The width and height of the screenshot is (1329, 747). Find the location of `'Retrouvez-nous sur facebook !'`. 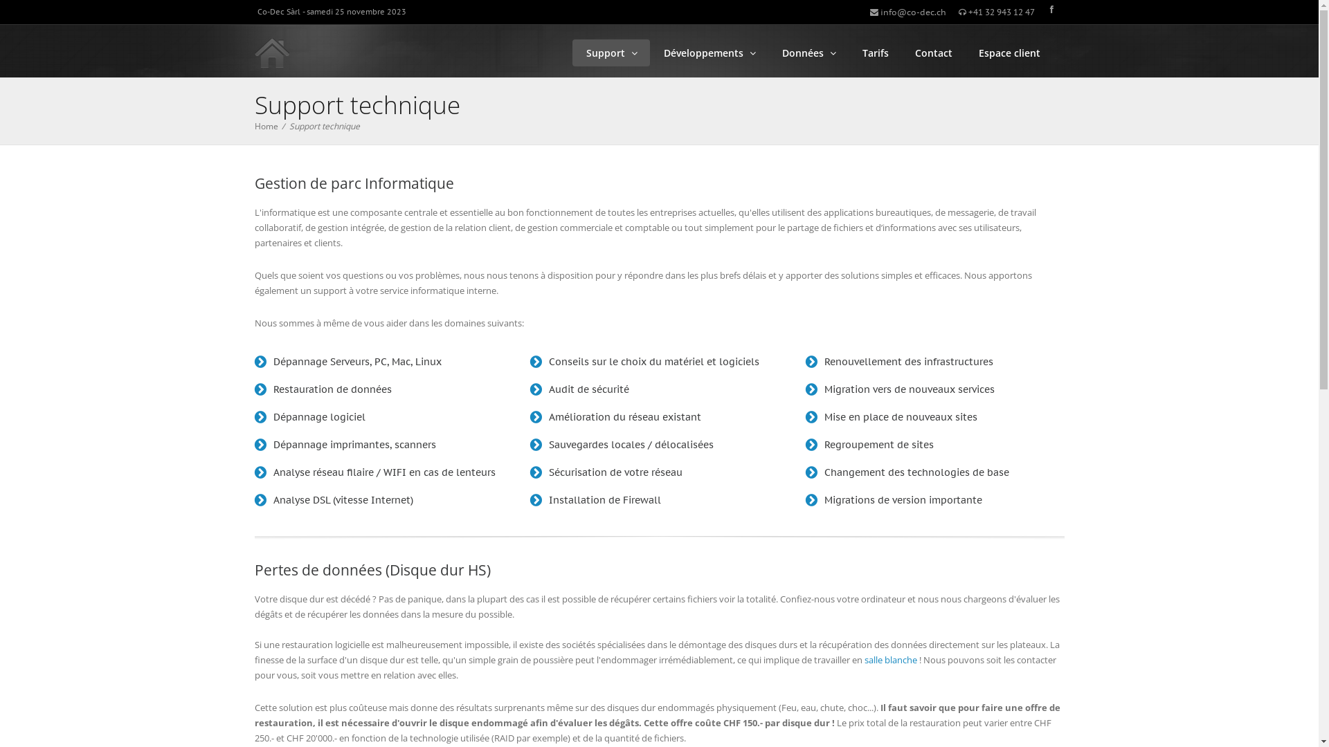

'Retrouvez-nous sur facebook !' is located at coordinates (1051, 9).